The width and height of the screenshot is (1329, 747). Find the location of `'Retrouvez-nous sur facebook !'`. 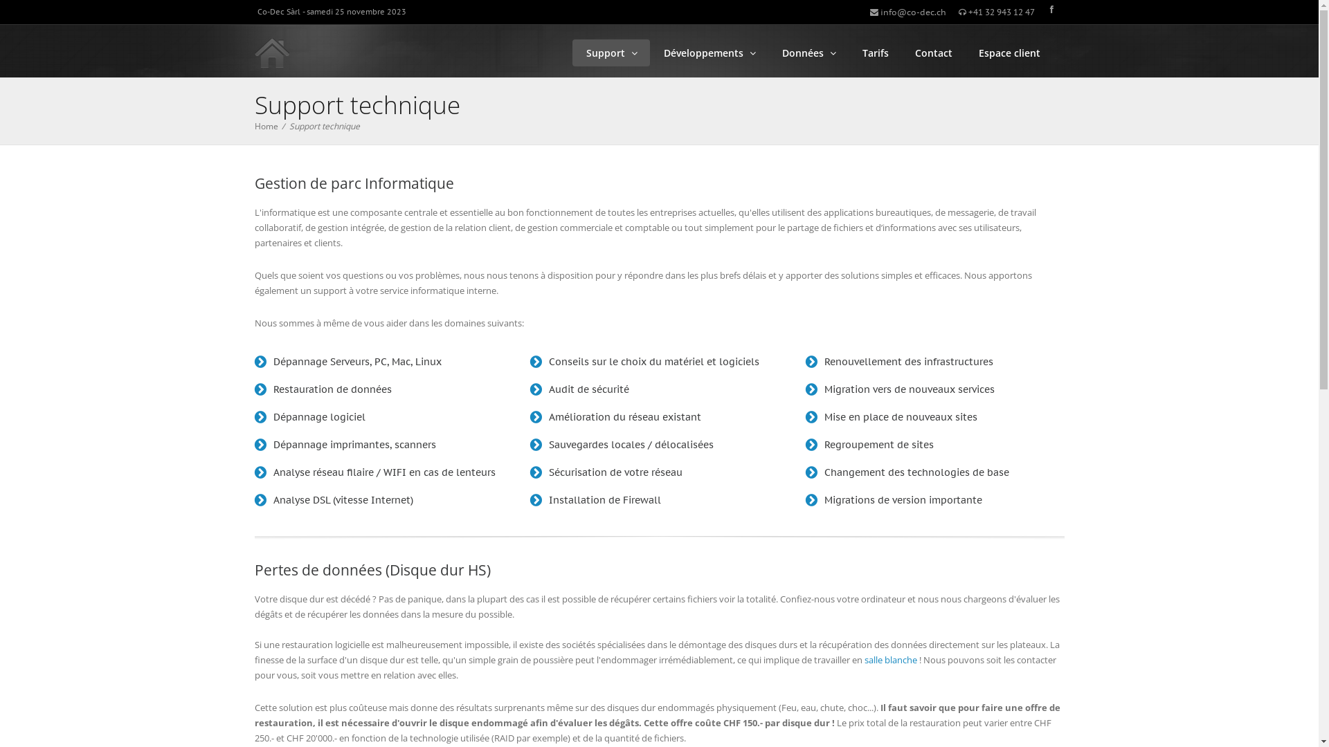

'Retrouvez-nous sur facebook !' is located at coordinates (1051, 9).